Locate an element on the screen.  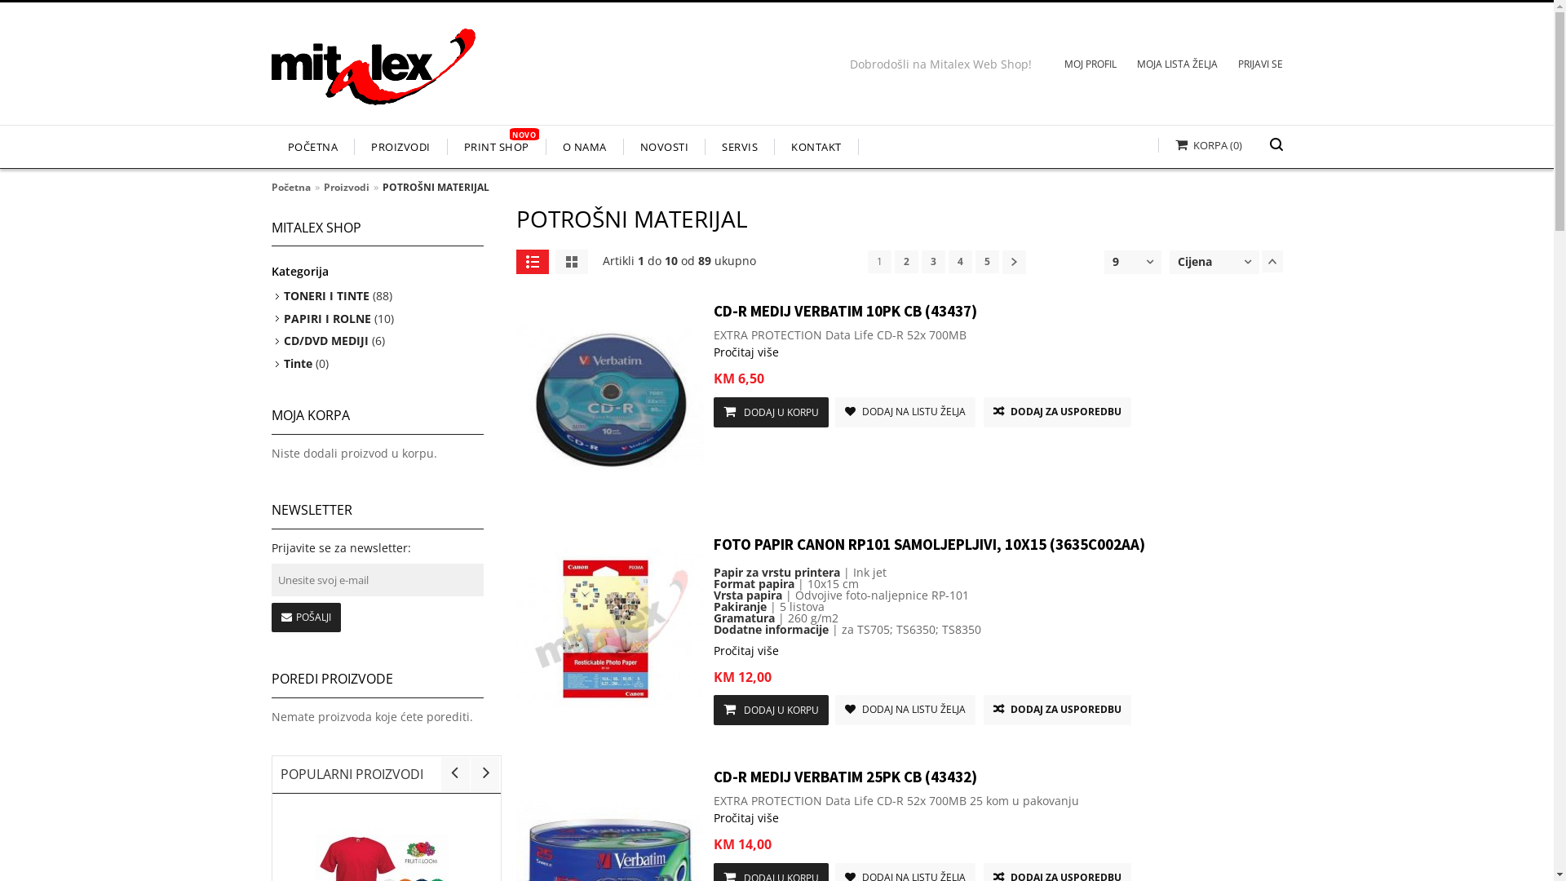
'3' is located at coordinates (933, 260).